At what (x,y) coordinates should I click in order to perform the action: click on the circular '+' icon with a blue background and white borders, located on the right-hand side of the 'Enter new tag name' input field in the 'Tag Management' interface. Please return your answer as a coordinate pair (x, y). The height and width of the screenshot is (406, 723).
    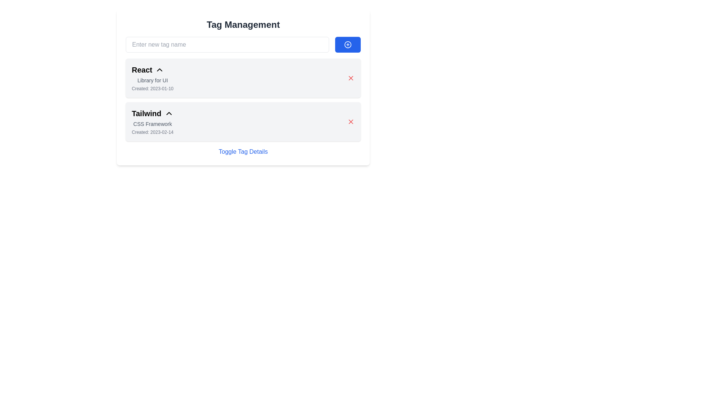
    Looking at the image, I should click on (348, 45).